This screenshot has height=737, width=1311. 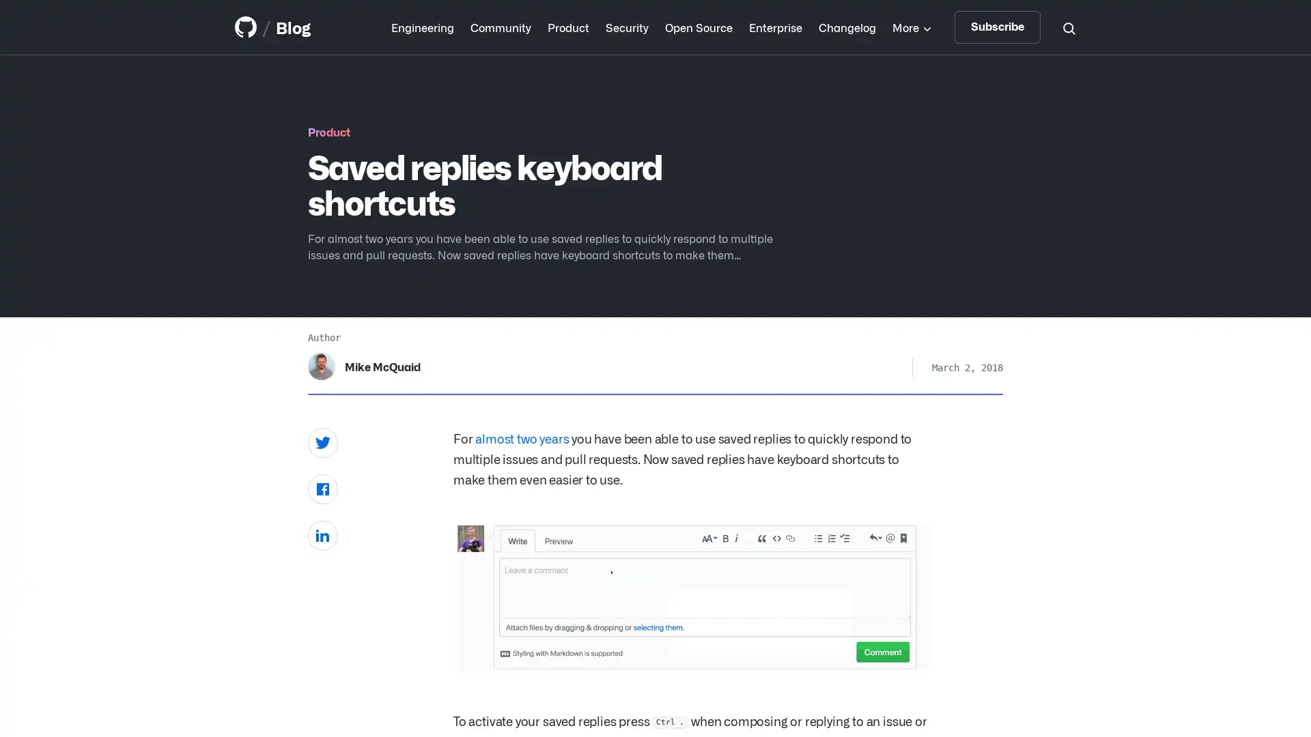 I want to click on More, so click(x=912, y=26).